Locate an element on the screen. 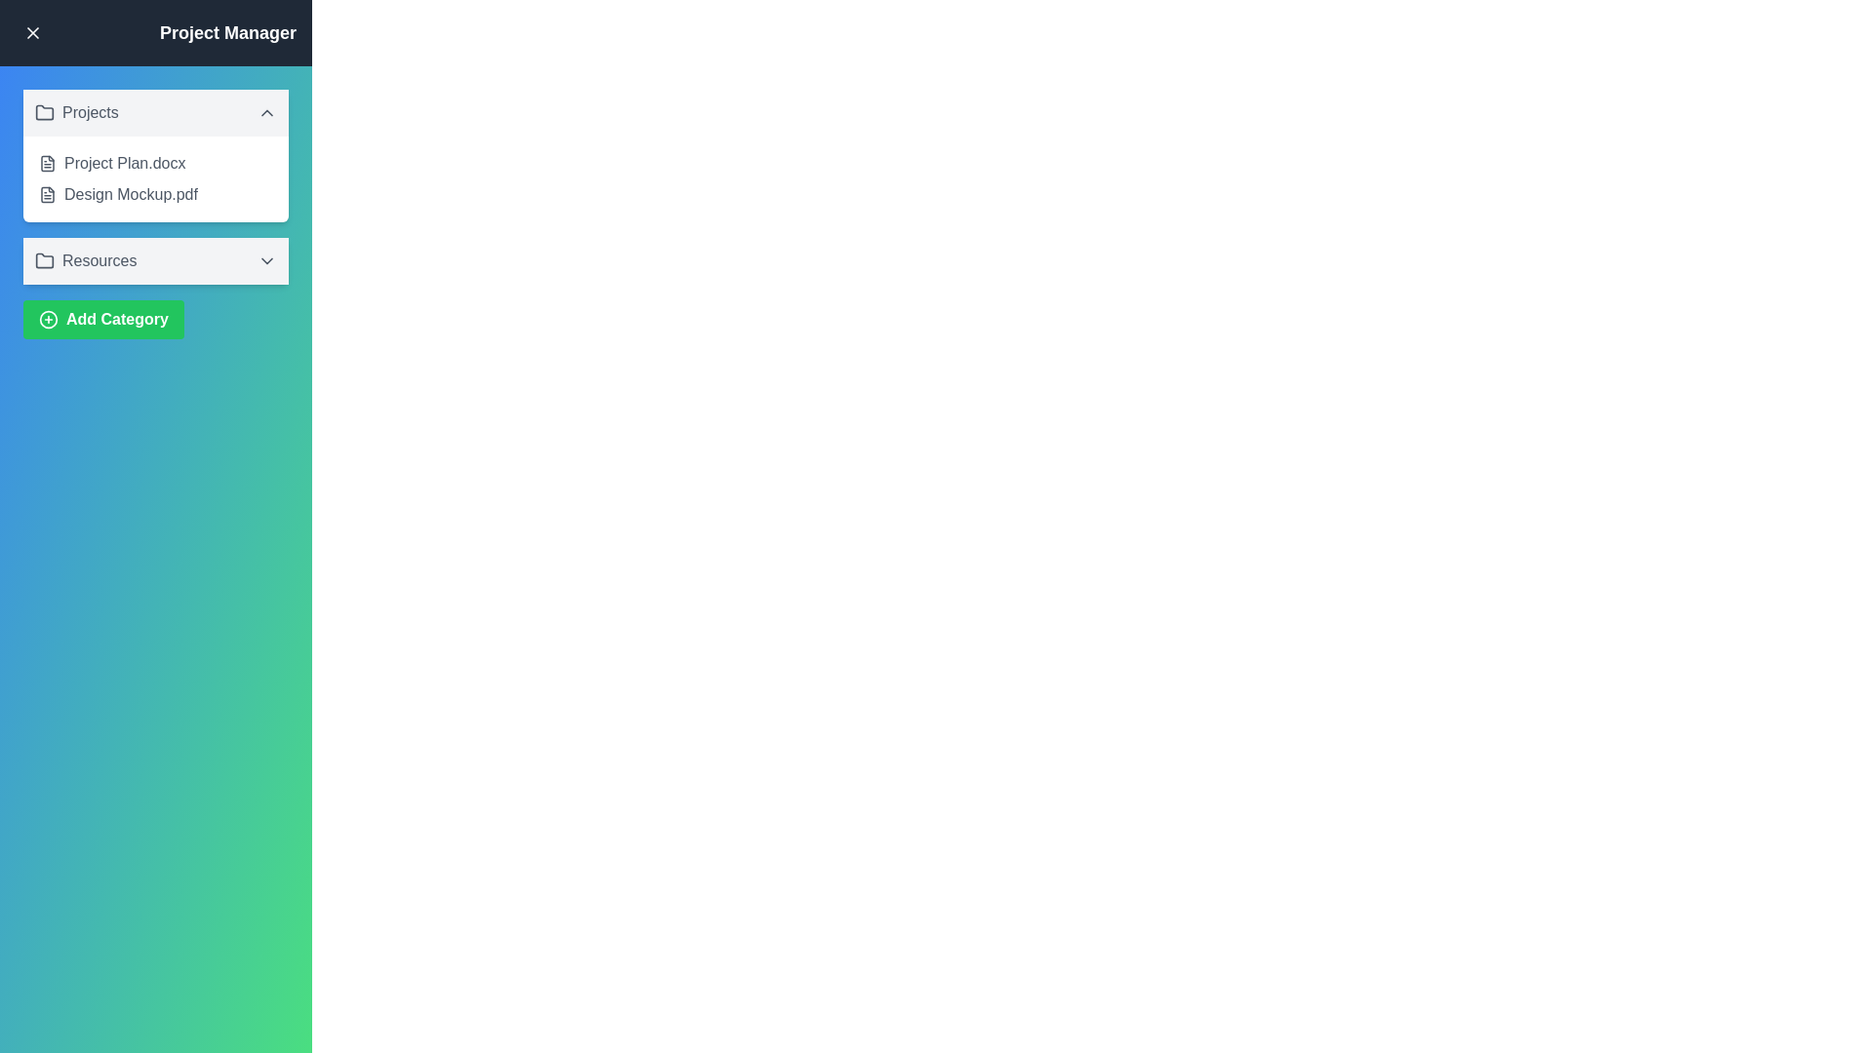 This screenshot has width=1873, height=1053. the file icon representing 'Design Mockup.pdf' in the 'Projects' section of the sidebar menu is located at coordinates (47, 195).